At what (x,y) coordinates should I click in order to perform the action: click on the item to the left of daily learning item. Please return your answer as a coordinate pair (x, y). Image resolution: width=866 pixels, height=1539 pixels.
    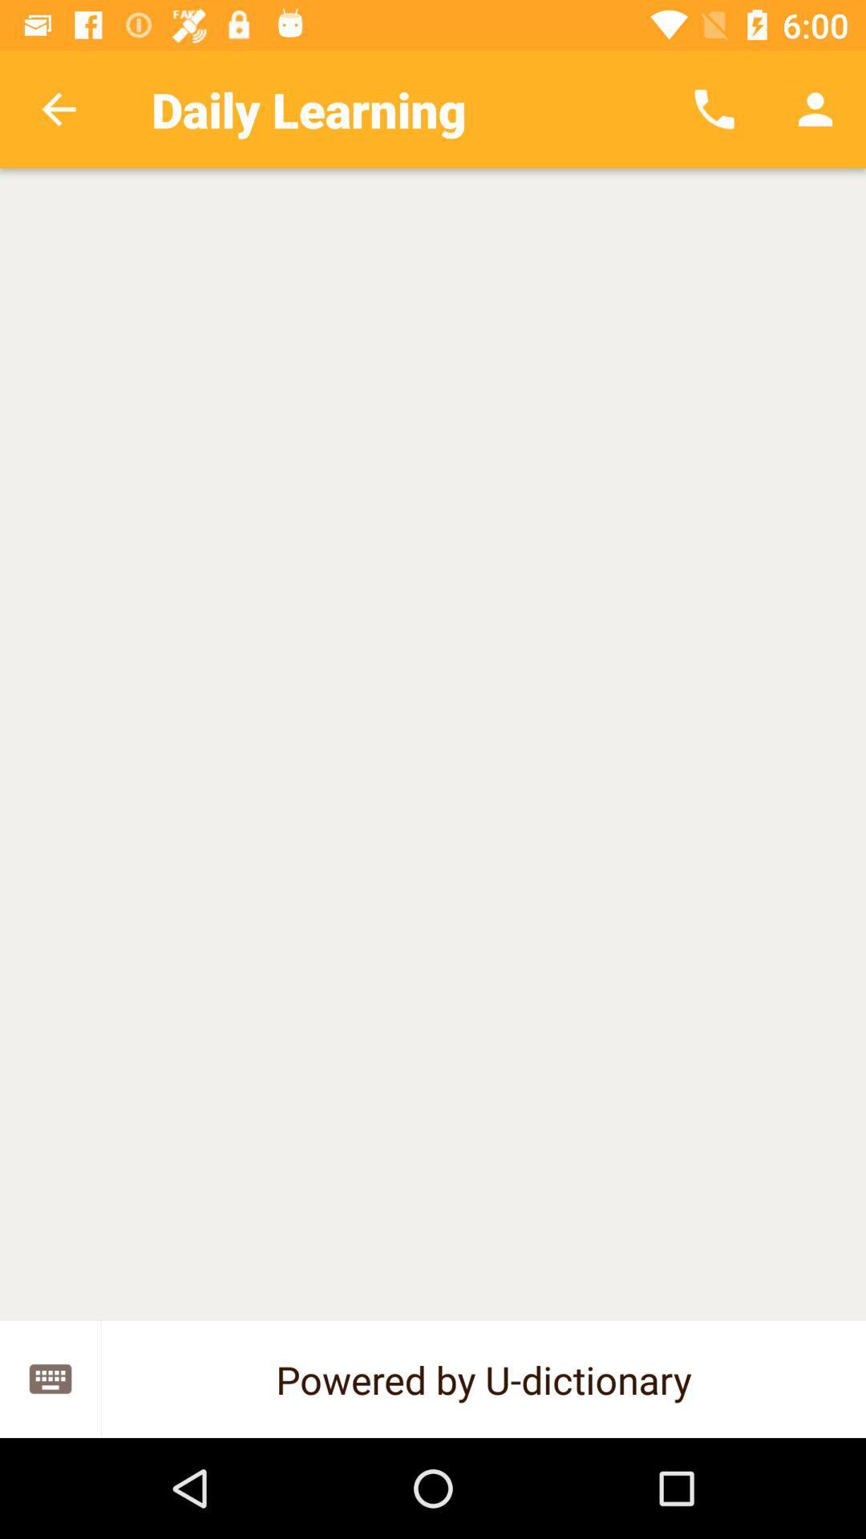
    Looking at the image, I should click on (58, 108).